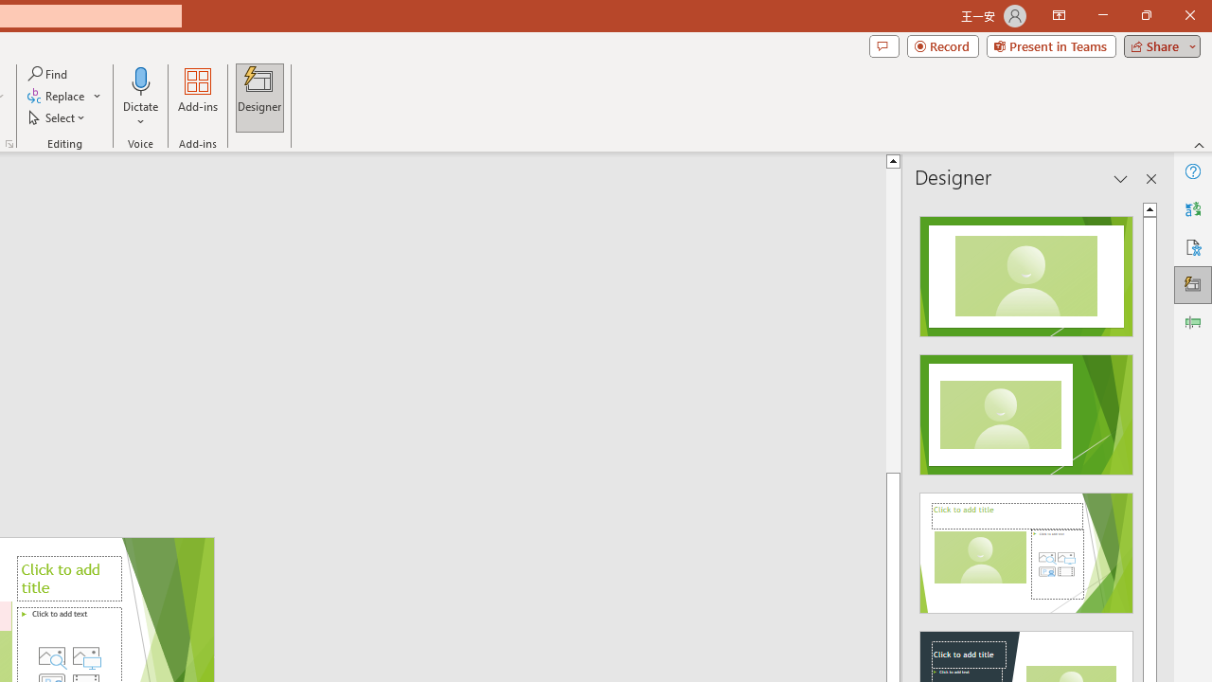  What do you see at coordinates (1192, 321) in the screenshot?
I see `'Animation Pane'` at bounding box center [1192, 321].